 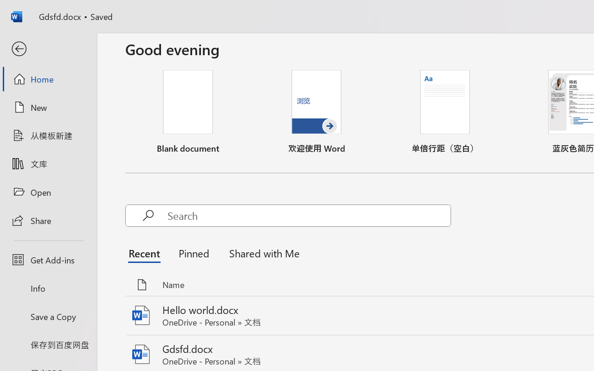 What do you see at coordinates (48, 107) in the screenshot?
I see `'New'` at bounding box center [48, 107].